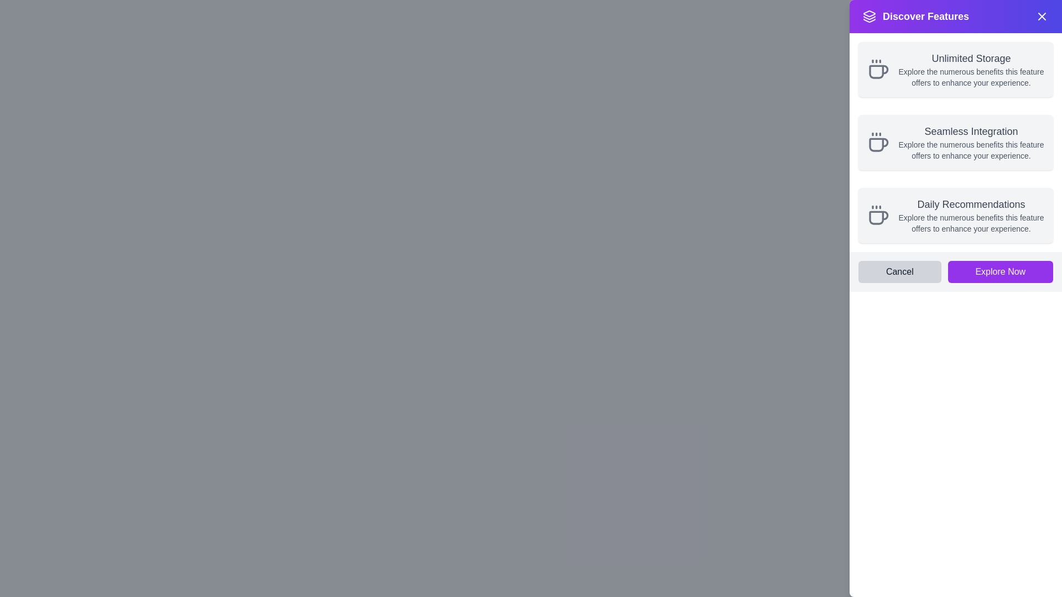  What do you see at coordinates (1041, 17) in the screenshot?
I see `the close button located at the rightmost end of the top purple header bar, adjacent to the header text 'Discover Features'` at bounding box center [1041, 17].